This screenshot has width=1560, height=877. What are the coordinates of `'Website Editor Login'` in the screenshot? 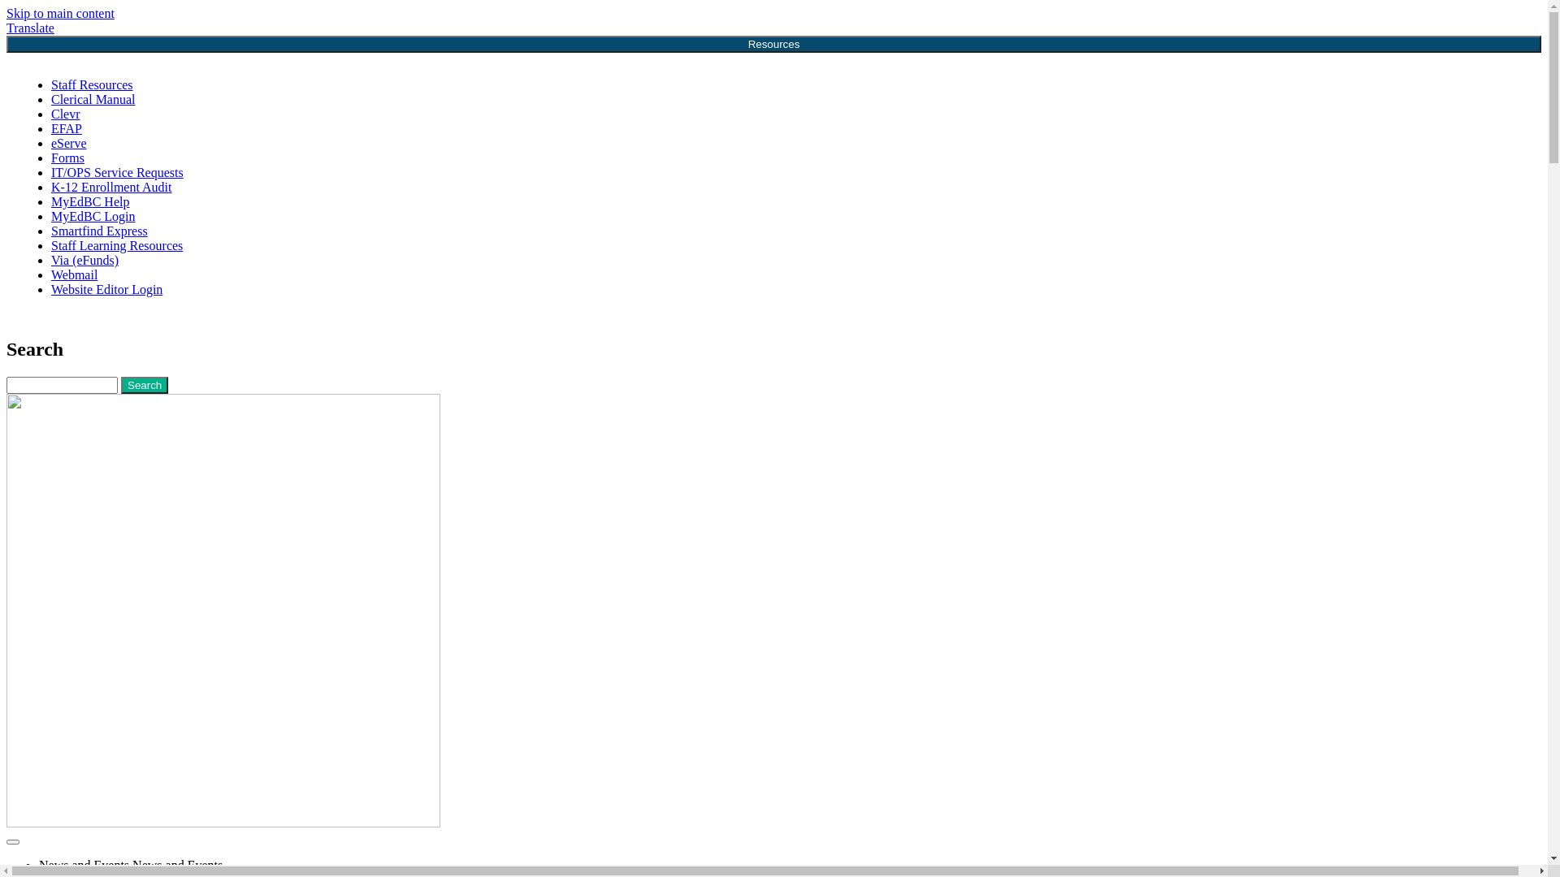 It's located at (106, 288).